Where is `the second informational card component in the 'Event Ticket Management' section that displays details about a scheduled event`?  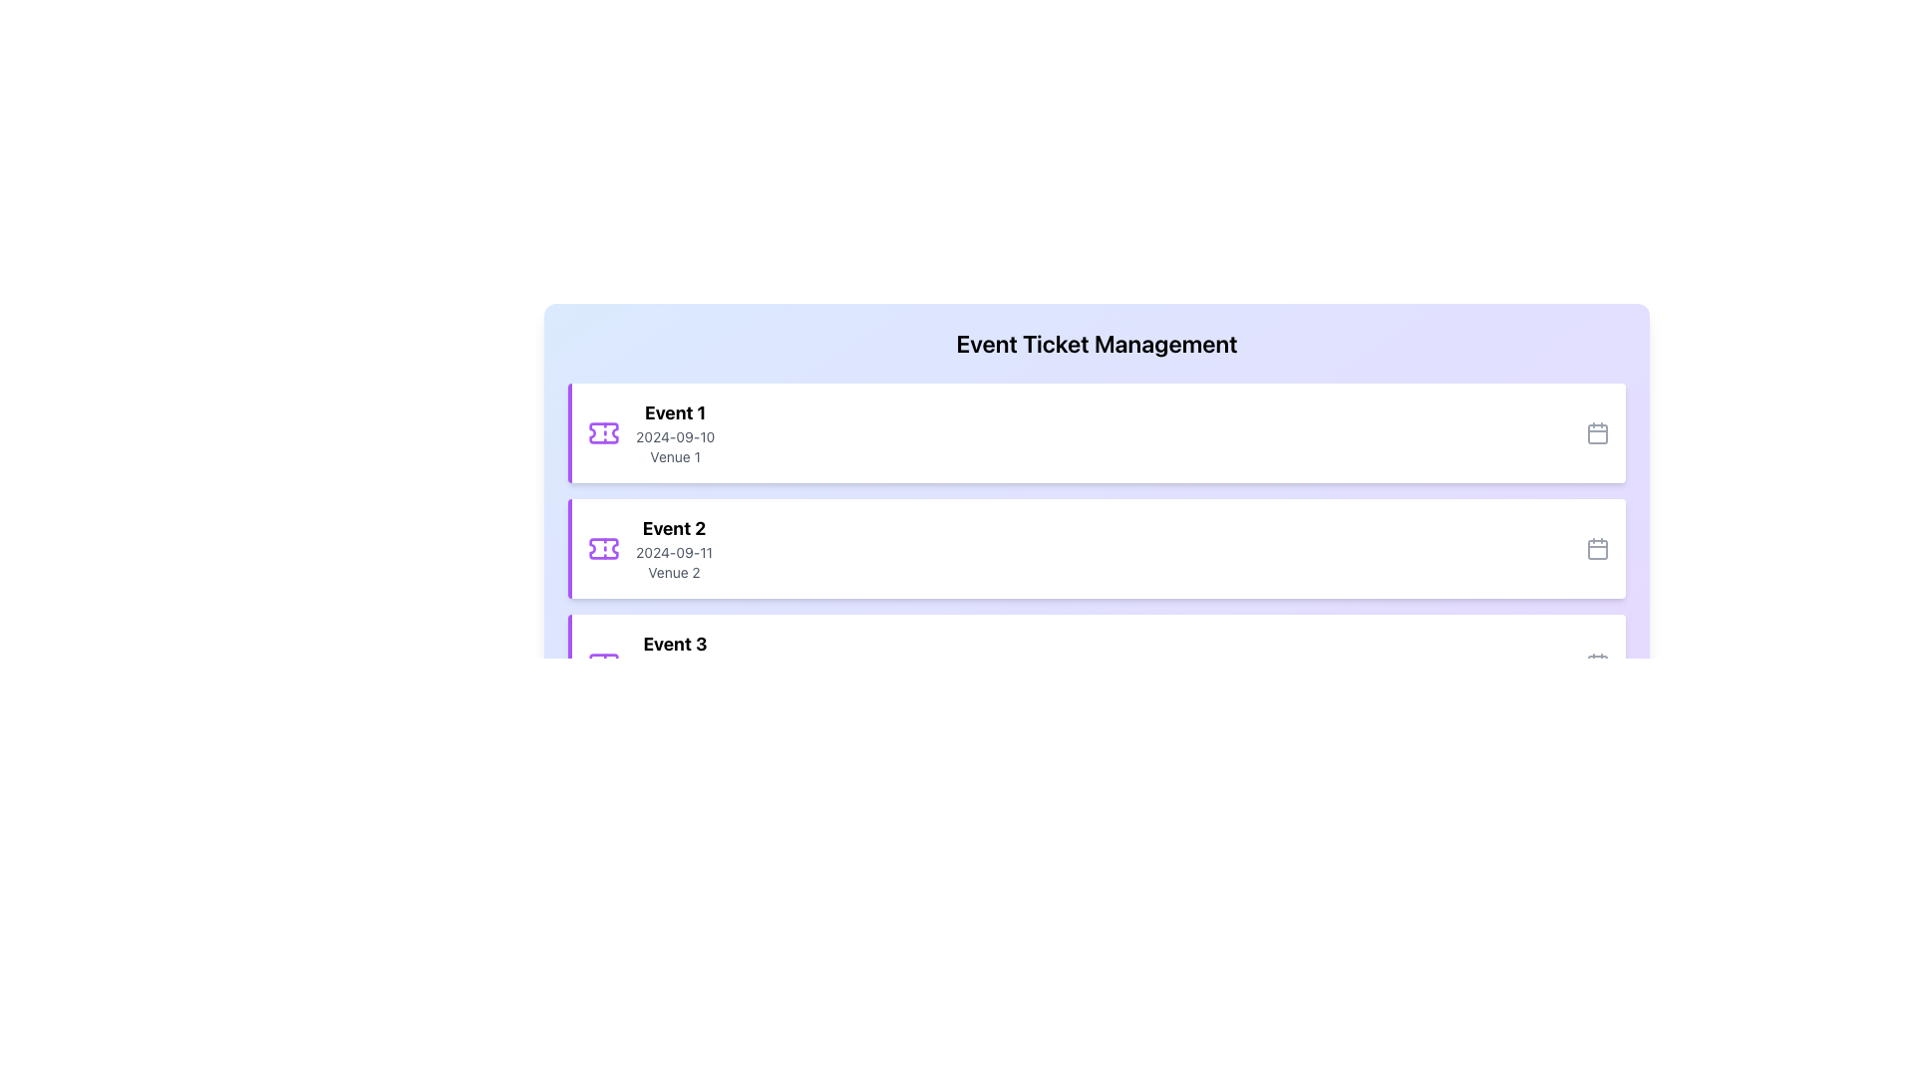 the second informational card component in the 'Event Ticket Management' section that displays details about a scheduled event is located at coordinates (674, 549).